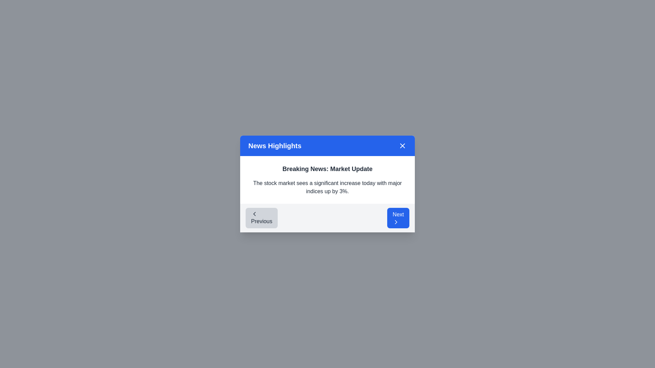  I want to click on the 'Previous' button, which is styled with a soft-gray background and features a left-pointing chevron icon, located in the lower-left portion of the modal dialog, so click(261, 218).